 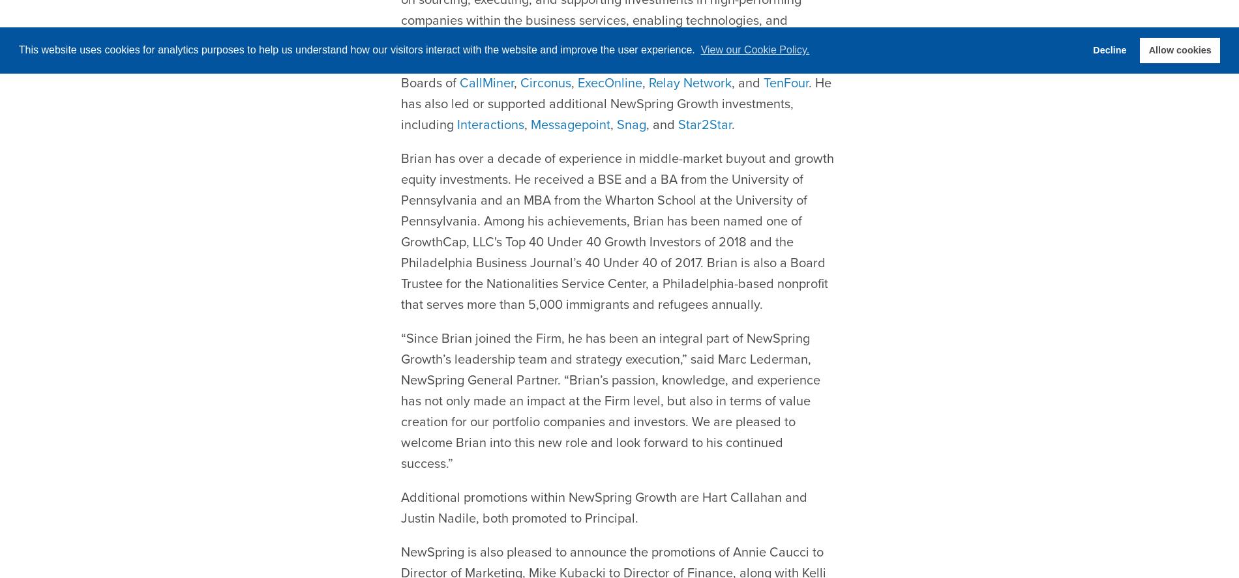 I want to click on 'Additional promotions within NewSpring Growth are Hart Callahan and Justin Nadile, both promoted to Principal.', so click(x=603, y=476).